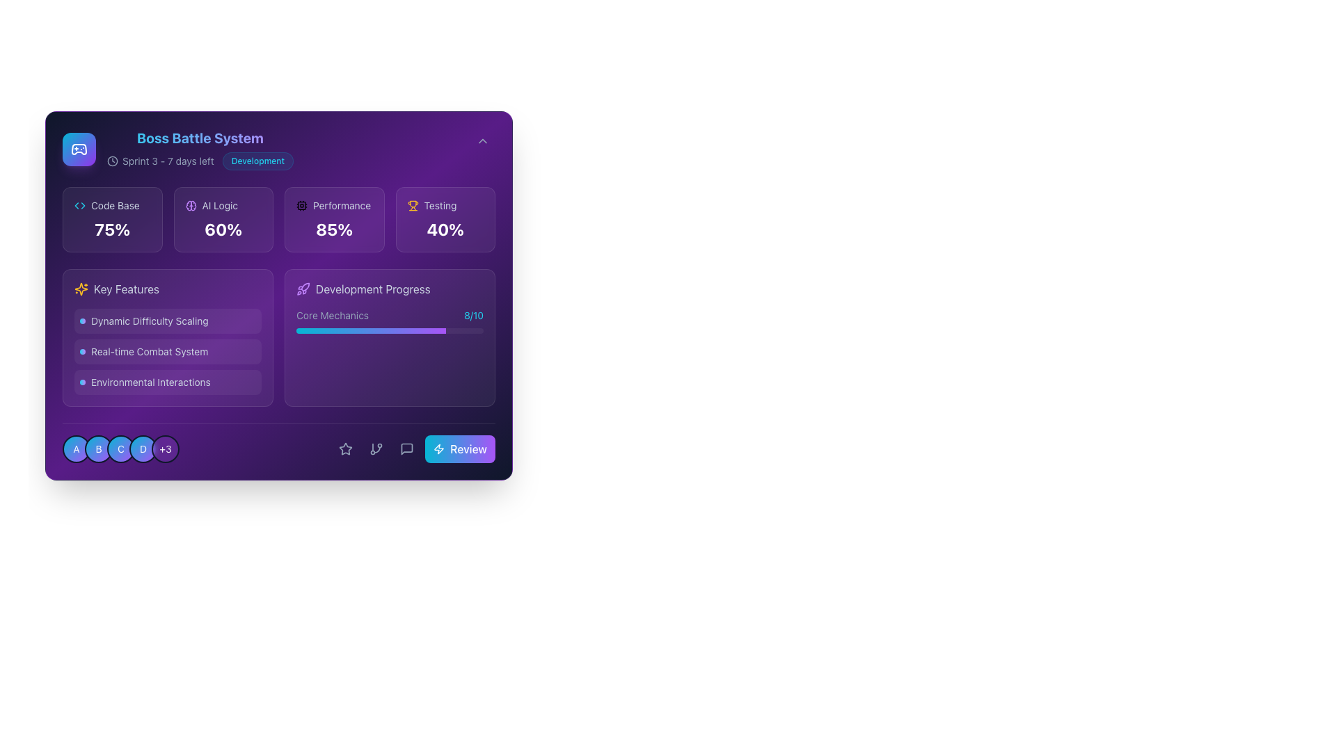  I want to click on the 'Performance' label located in the performance status section, which is right of the CPU icon and above the performance percentage (85%), so click(342, 206).